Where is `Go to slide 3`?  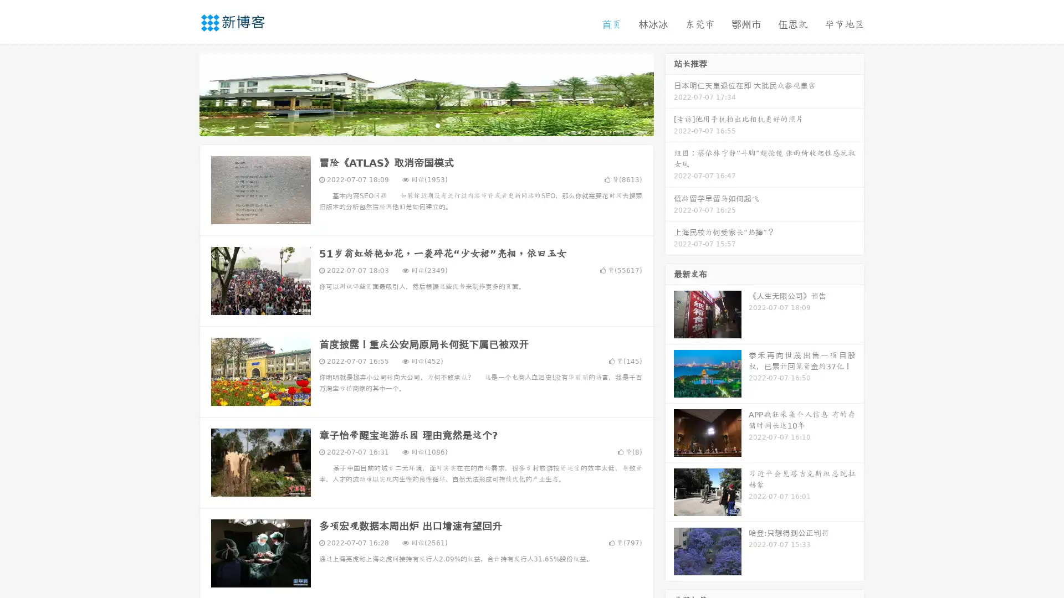 Go to slide 3 is located at coordinates (437, 125).